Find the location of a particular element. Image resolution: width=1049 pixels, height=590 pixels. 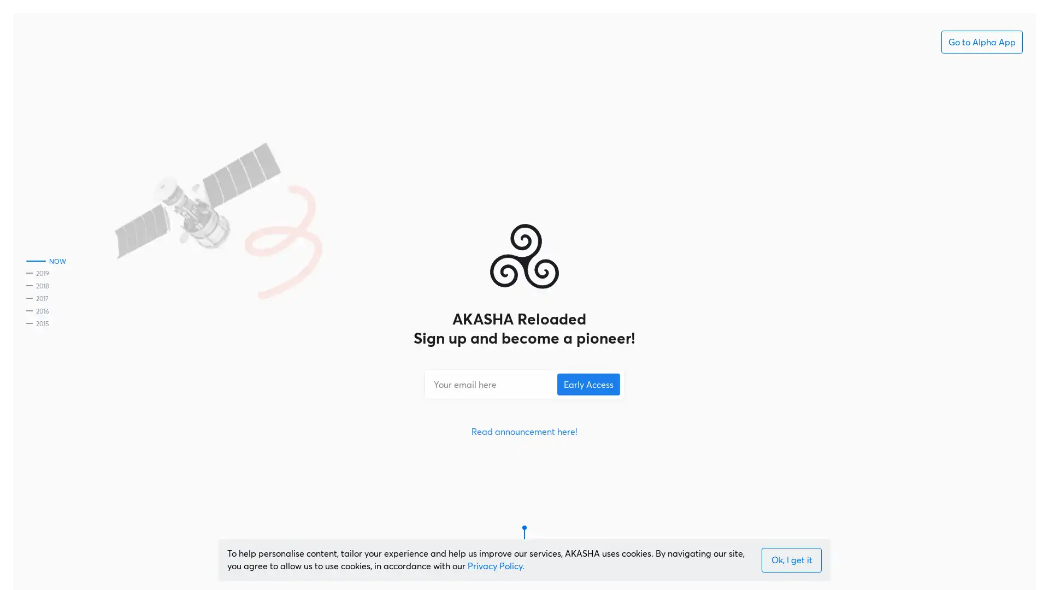

2015 is located at coordinates (37, 323).